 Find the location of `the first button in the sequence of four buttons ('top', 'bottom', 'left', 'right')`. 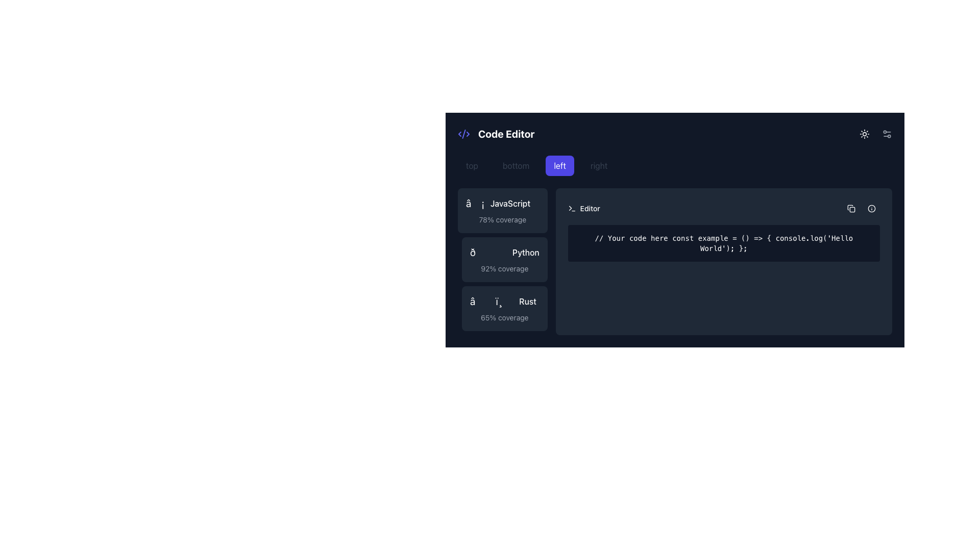

the first button in the sequence of four buttons ('top', 'bottom', 'left', 'right') is located at coordinates (472, 165).